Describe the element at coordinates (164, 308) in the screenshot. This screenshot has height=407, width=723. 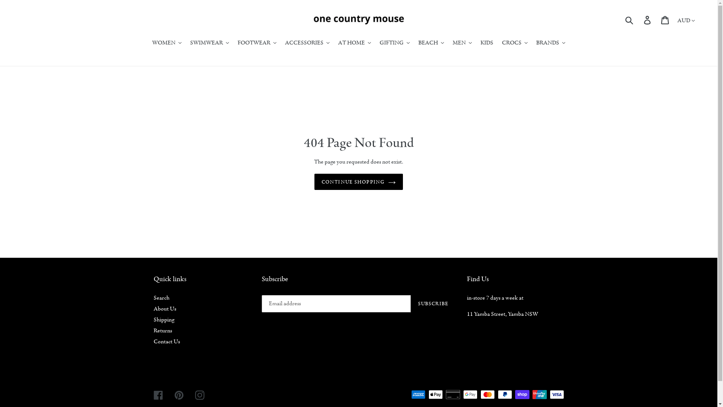
I see `'About Us'` at that location.